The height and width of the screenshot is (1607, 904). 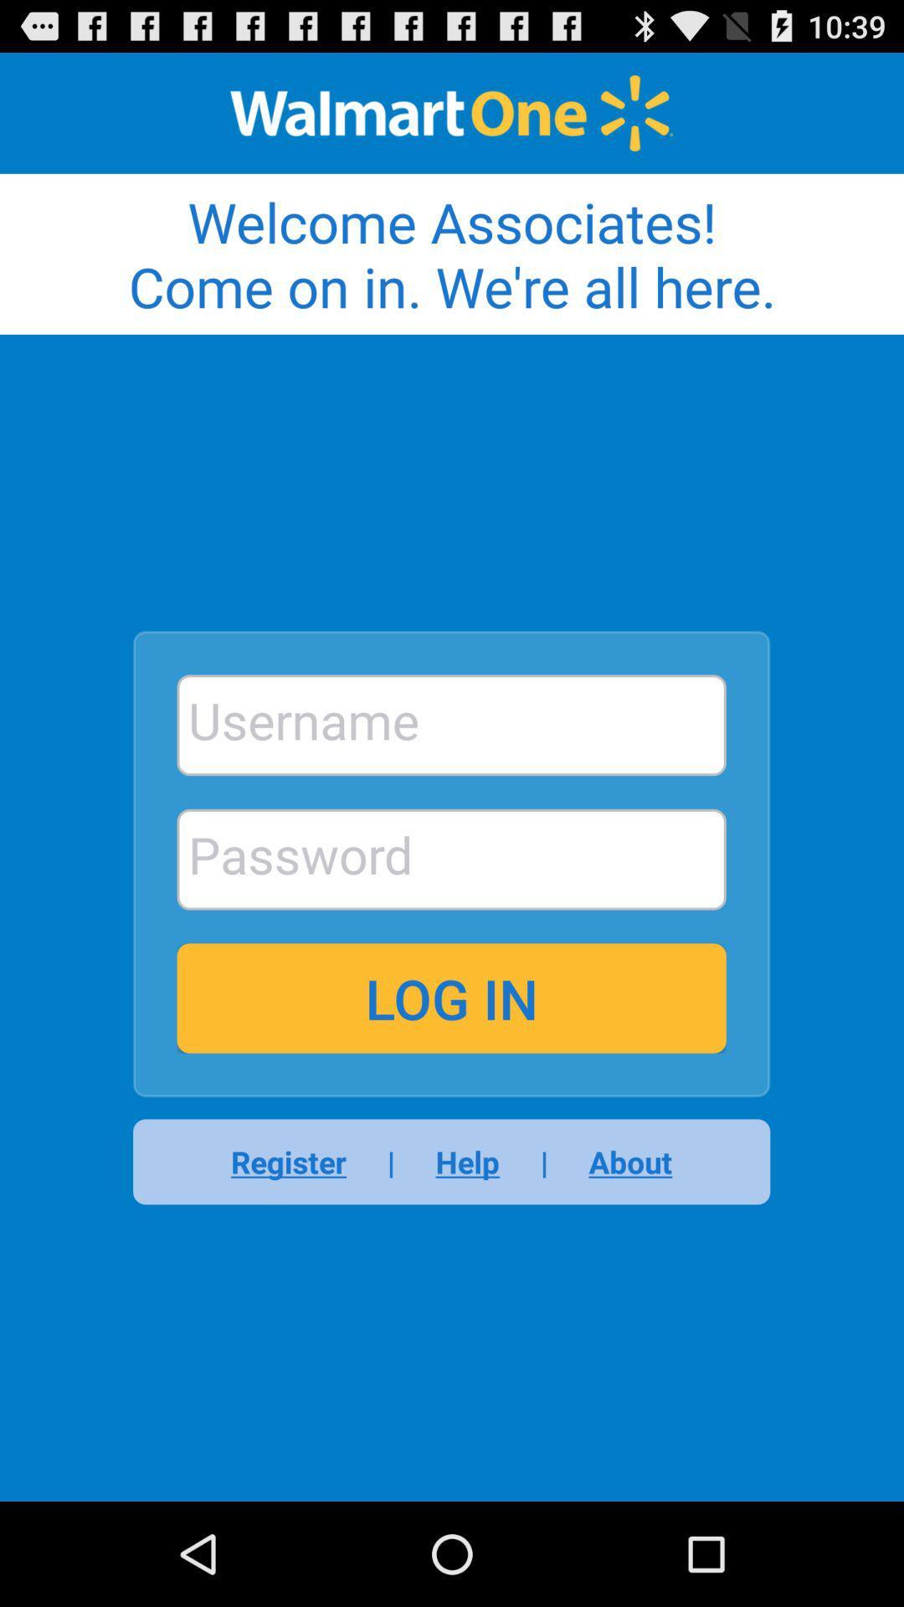 What do you see at coordinates (467, 1161) in the screenshot?
I see `icon to the left of | item` at bounding box center [467, 1161].